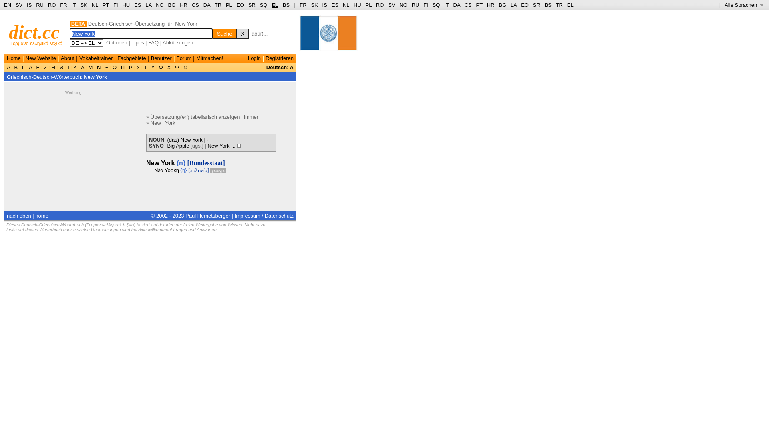  What do you see at coordinates (207, 215) in the screenshot?
I see `'Paul Hemetsberger'` at bounding box center [207, 215].